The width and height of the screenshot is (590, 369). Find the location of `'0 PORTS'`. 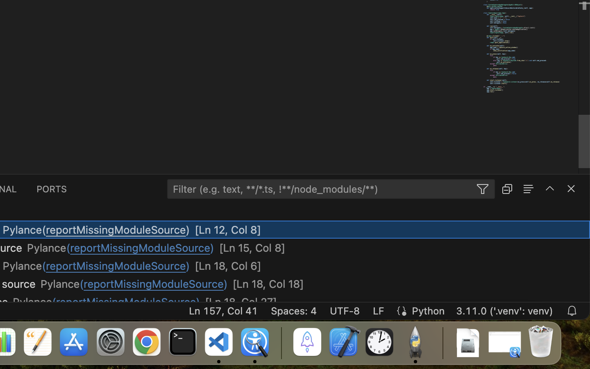

'0 PORTS' is located at coordinates (52, 188).